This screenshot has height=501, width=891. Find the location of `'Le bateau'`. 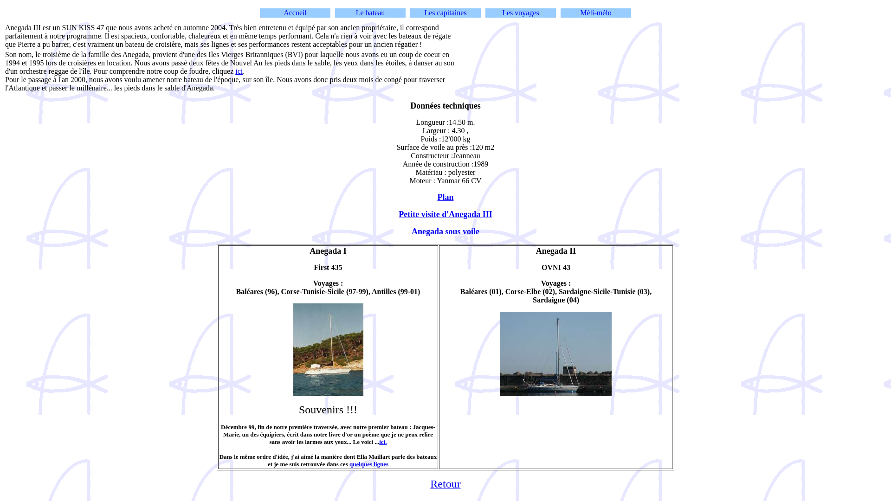

'Le bateau' is located at coordinates (370, 13).